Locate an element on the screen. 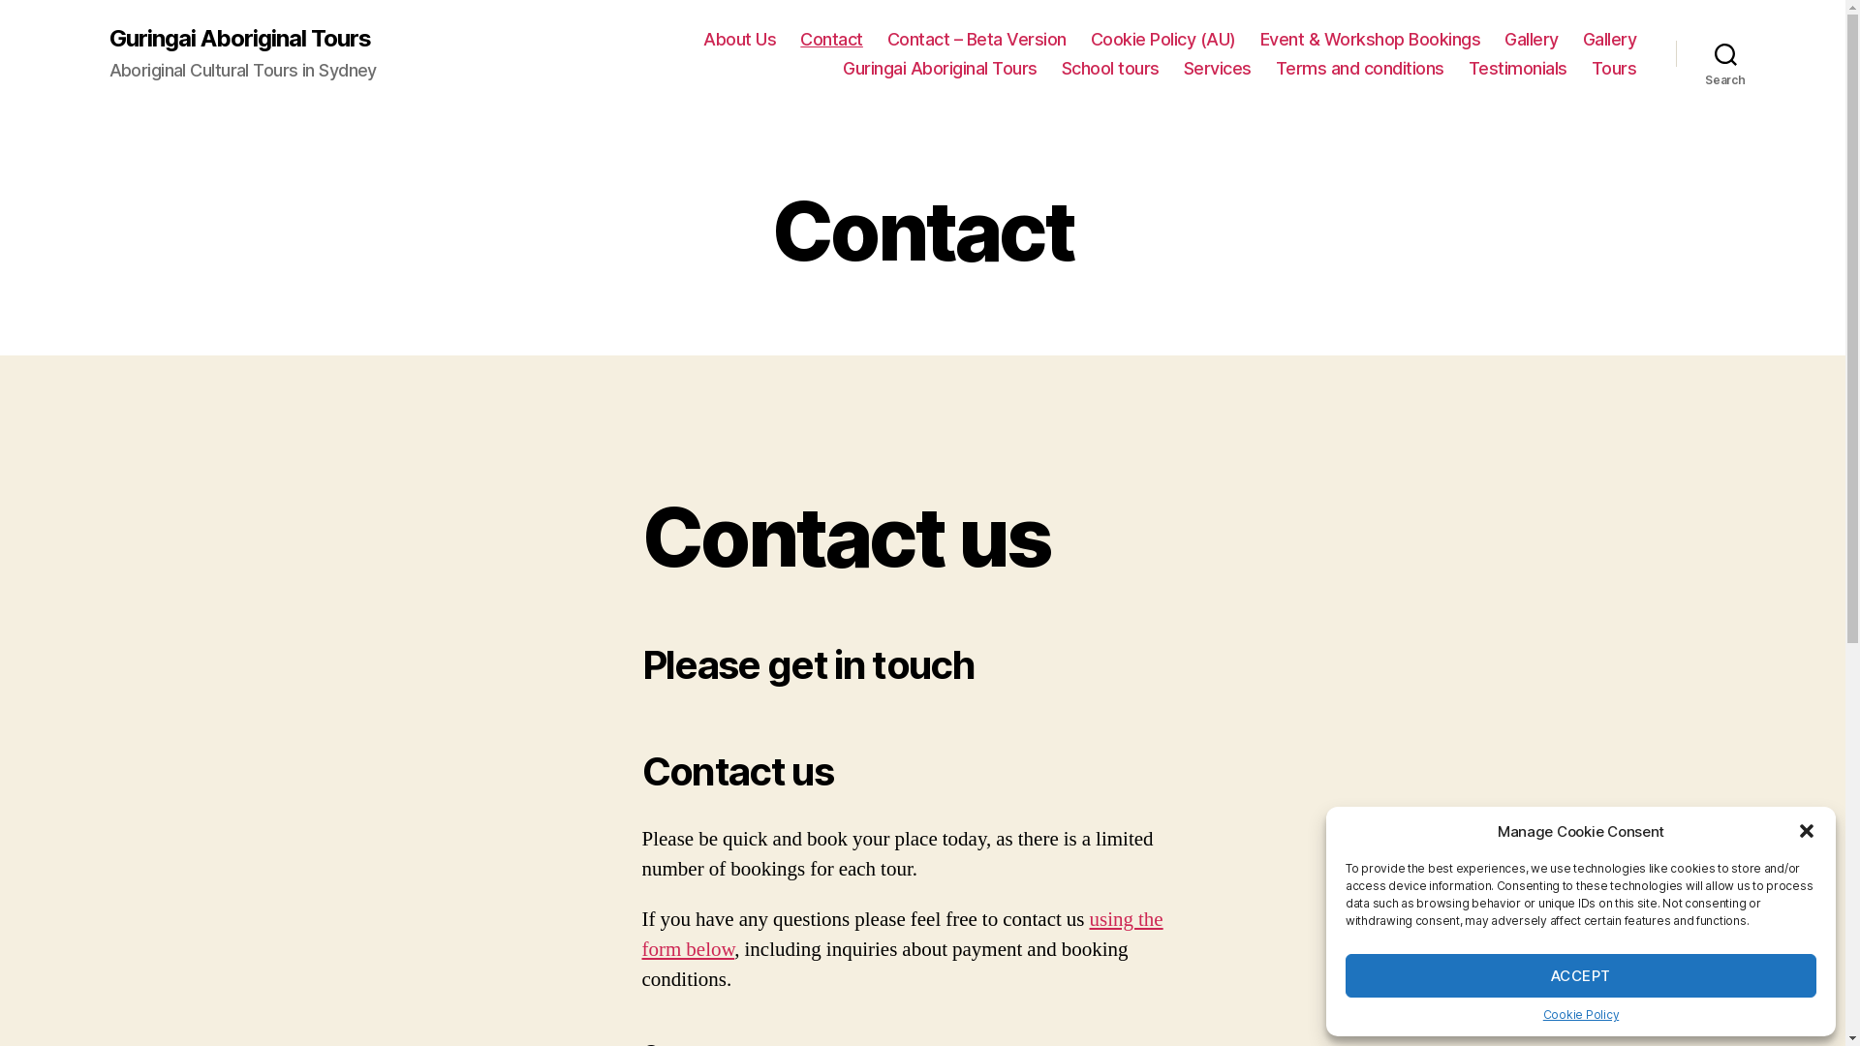  'Event & Workshop Bookings' is located at coordinates (1370, 40).